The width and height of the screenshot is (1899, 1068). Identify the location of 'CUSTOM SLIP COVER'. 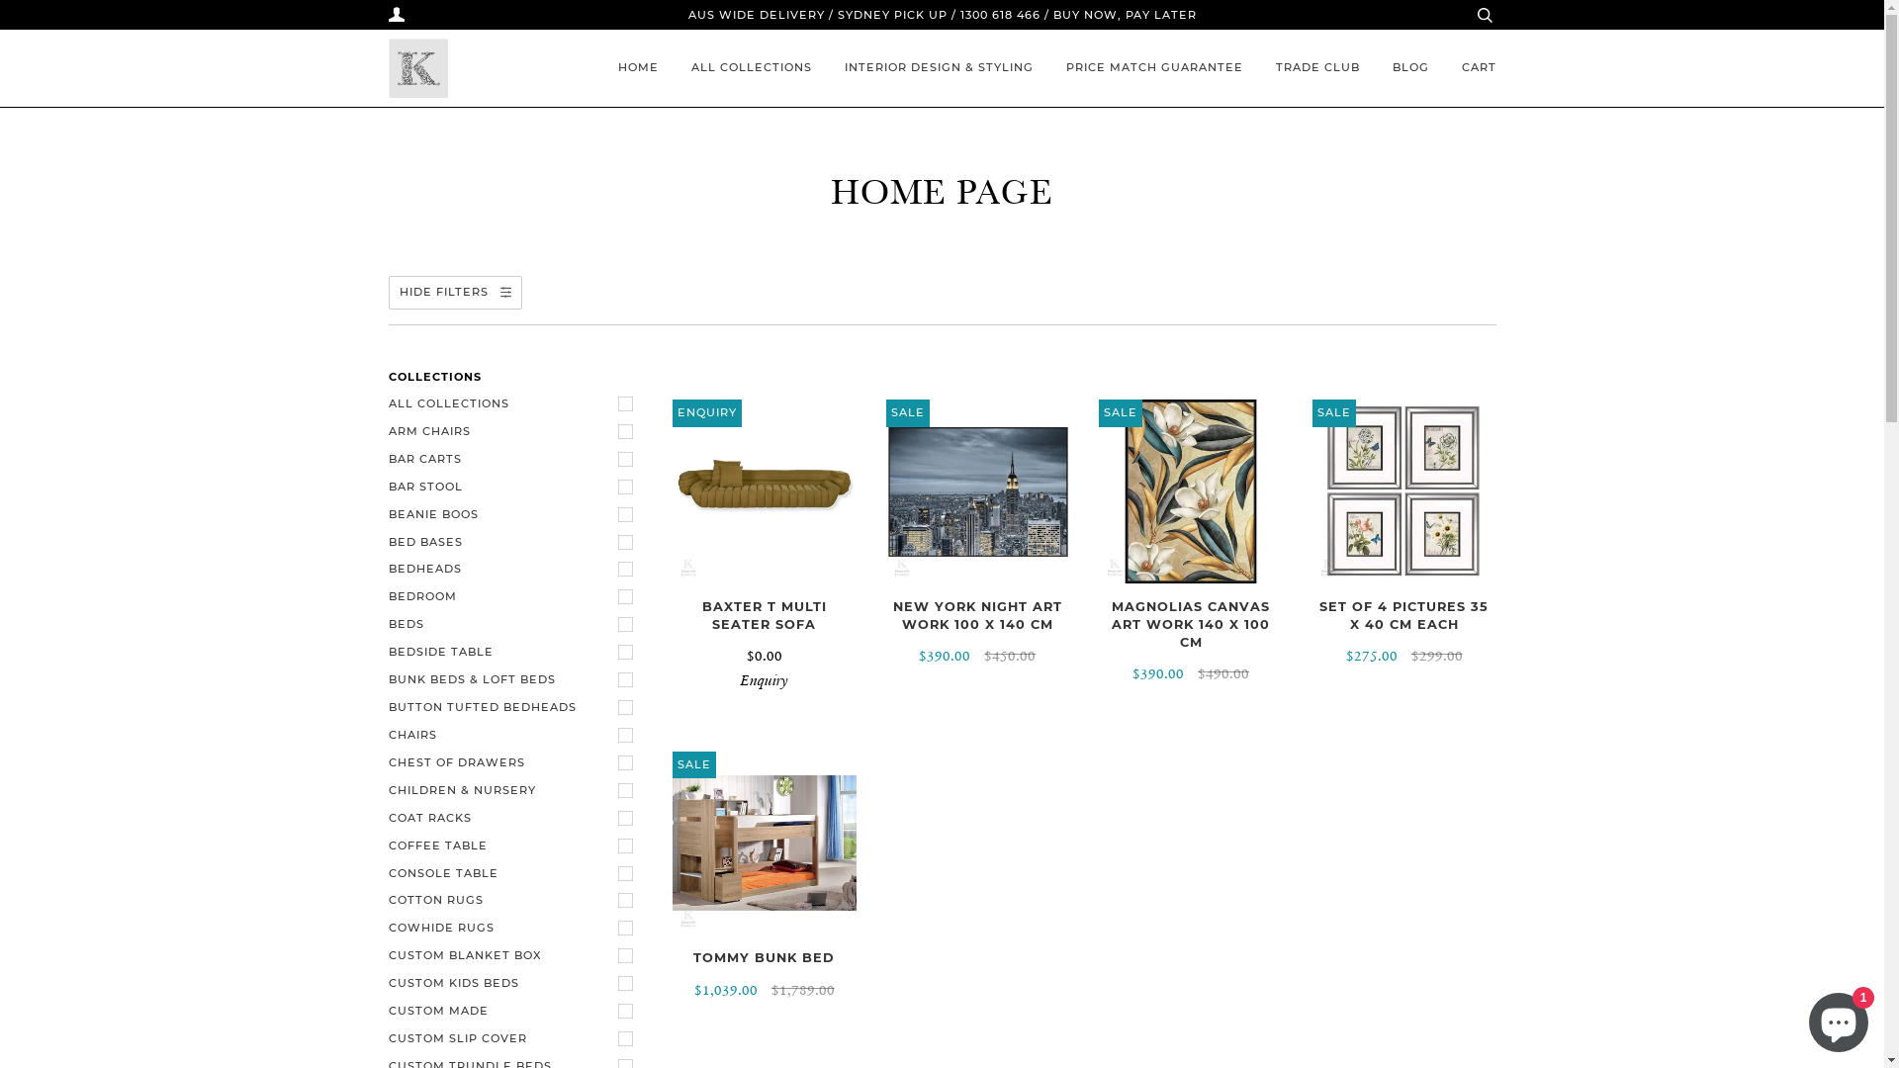
(515, 1037).